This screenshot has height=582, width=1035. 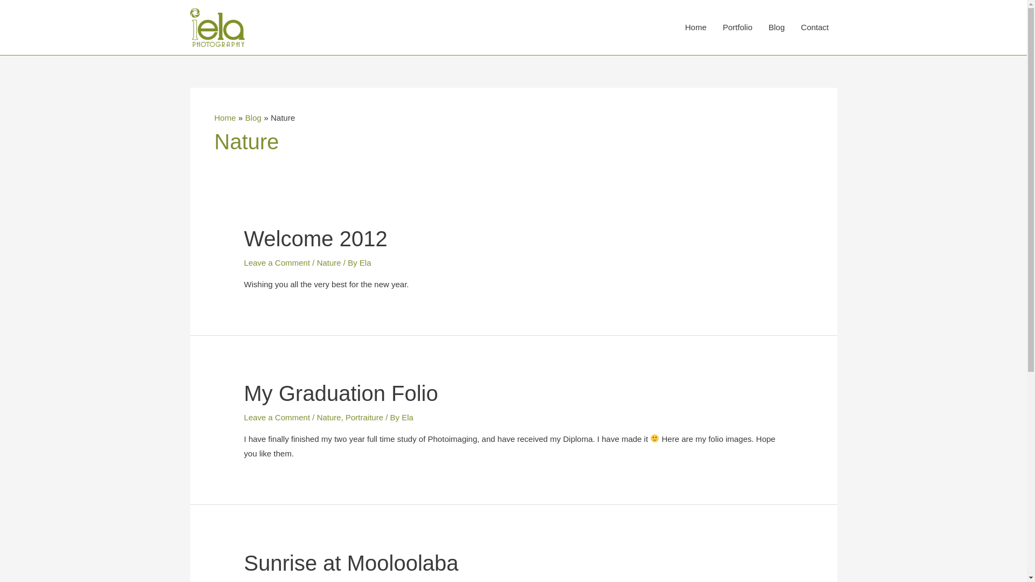 What do you see at coordinates (696, 26) in the screenshot?
I see `'Home'` at bounding box center [696, 26].